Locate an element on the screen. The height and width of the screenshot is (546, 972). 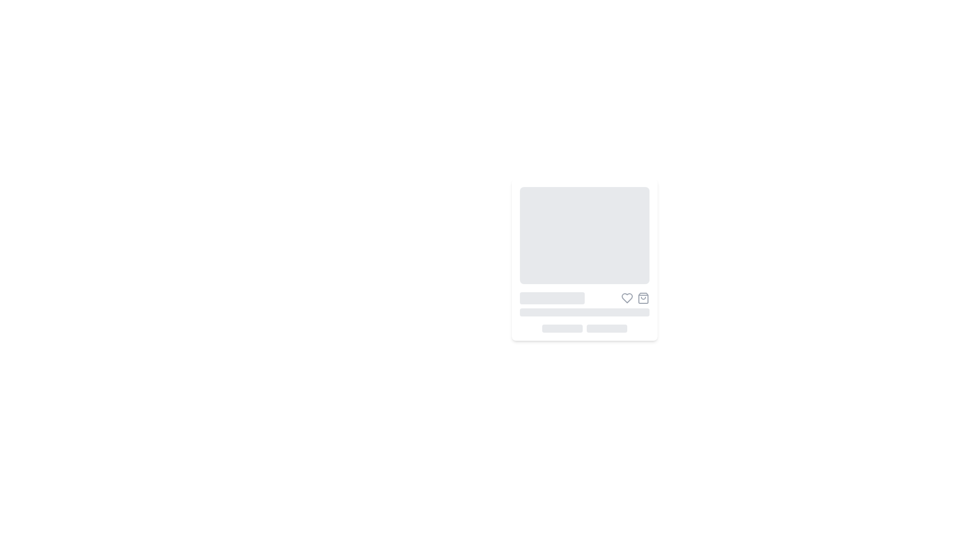
the heart-shaped icon located at the bottom-right corner of the card-like layout is located at coordinates (626, 298).